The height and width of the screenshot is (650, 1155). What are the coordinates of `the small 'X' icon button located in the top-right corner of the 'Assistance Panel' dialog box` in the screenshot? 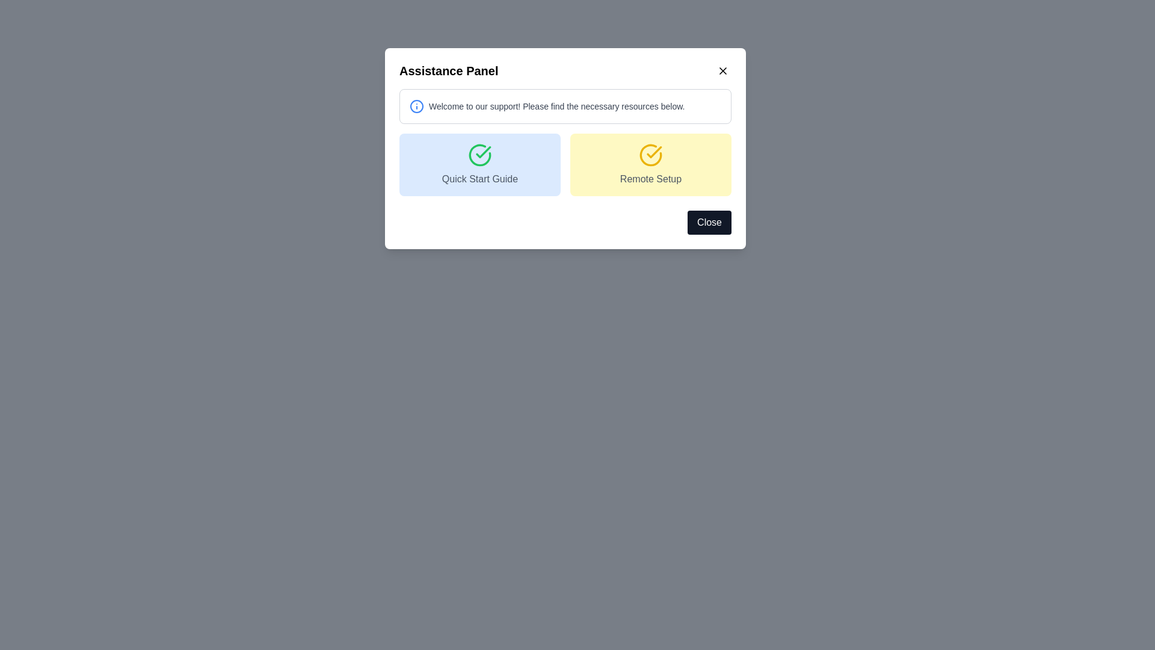 It's located at (722, 71).